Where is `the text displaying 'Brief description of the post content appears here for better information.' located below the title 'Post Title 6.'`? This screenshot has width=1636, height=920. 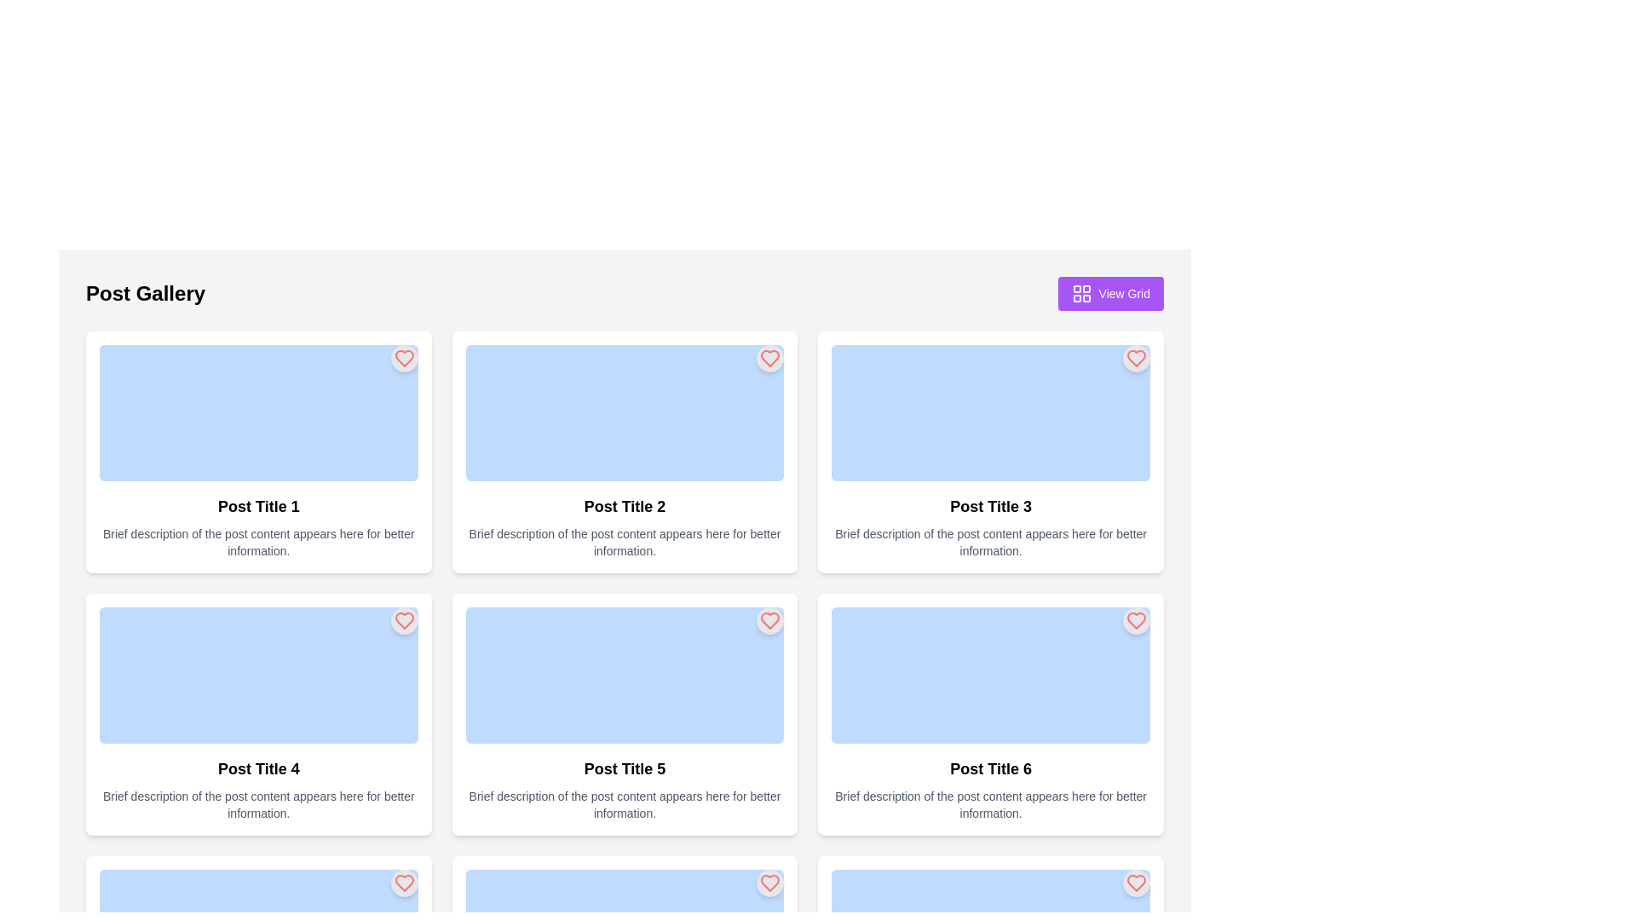
the text displaying 'Brief description of the post content appears here for better information.' located below the title 'Post Title 6.' is located at coordinates (991, 805).